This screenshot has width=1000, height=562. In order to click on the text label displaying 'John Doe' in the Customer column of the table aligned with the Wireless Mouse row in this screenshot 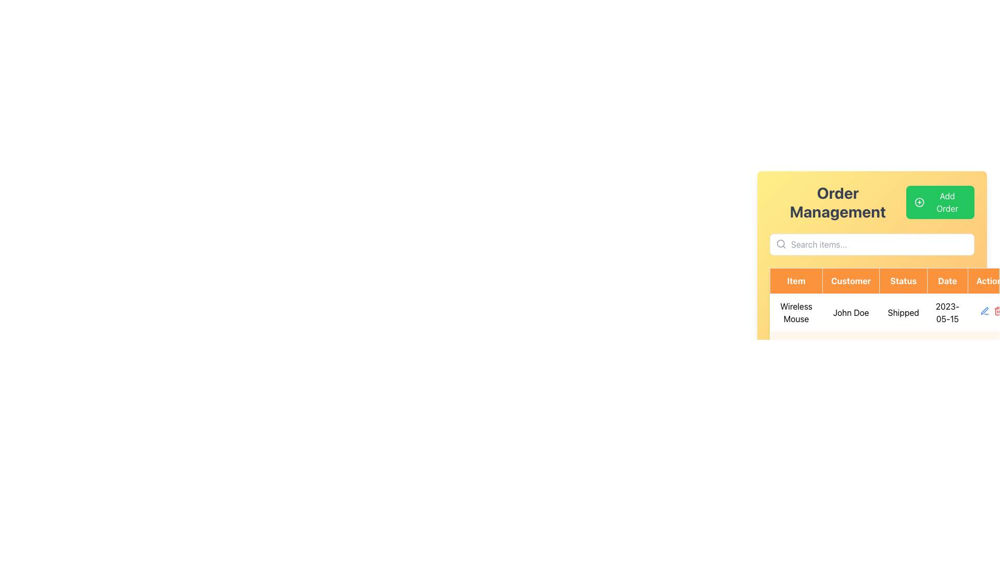, I will do `click(851, 312)`.